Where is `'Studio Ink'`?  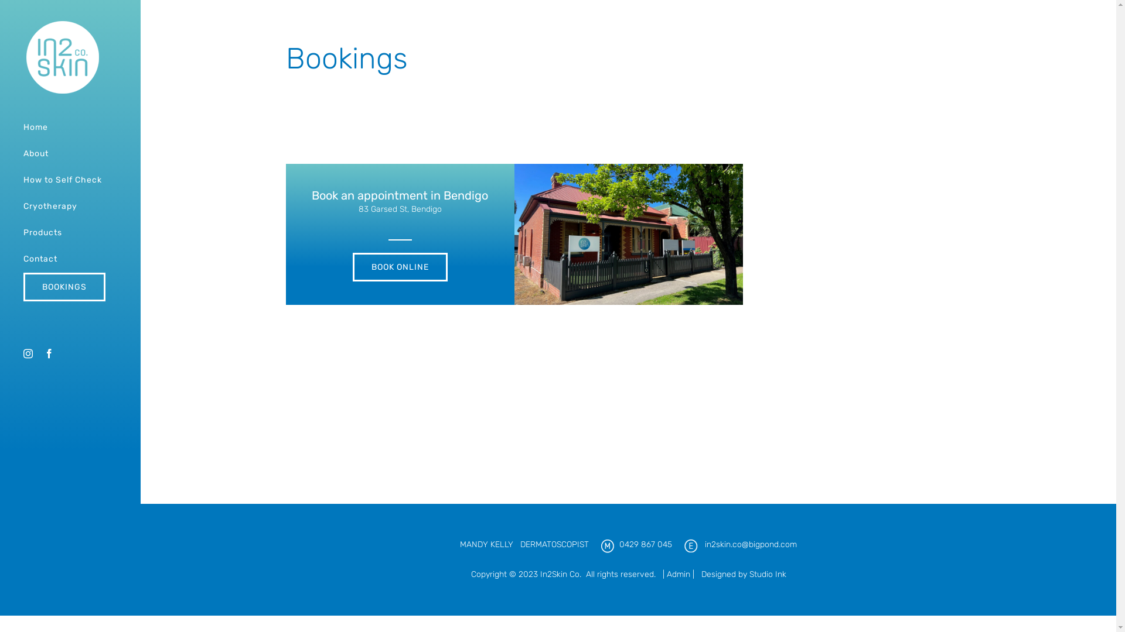 'Studio Ink' is located at coordinates (748, 573).